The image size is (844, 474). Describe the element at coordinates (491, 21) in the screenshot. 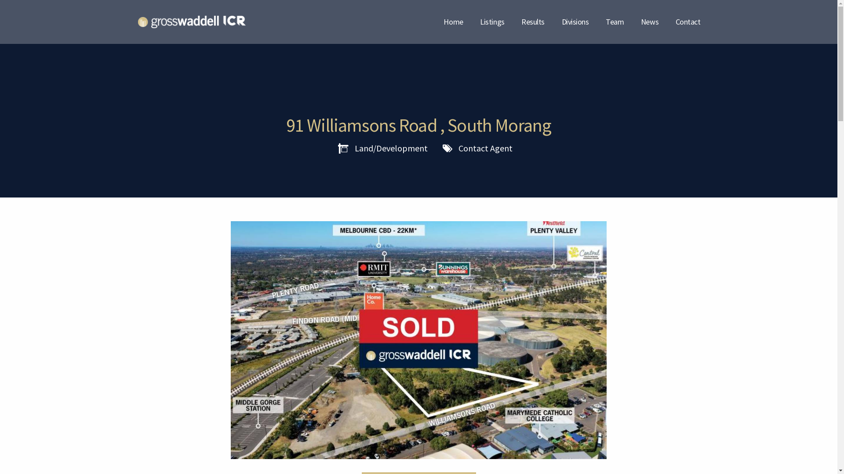

I see `'Listings'` at that location.